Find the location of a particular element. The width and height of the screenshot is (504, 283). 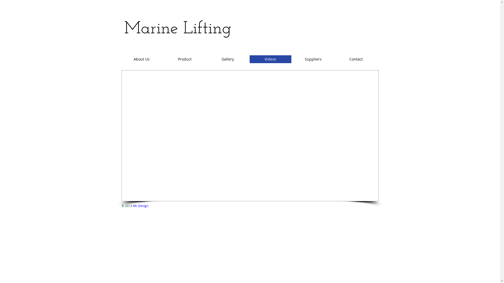

'Gallery' is located at coordinates (228, 59).